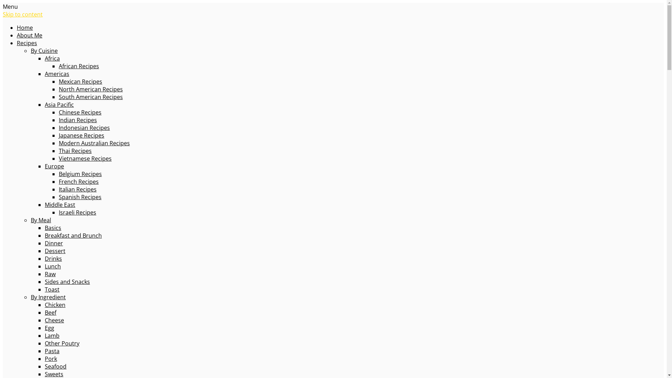  What do you see at coordinates (55, 251) in the screenshot?
I see `'Dessert'` at bounding box center [55, 251].